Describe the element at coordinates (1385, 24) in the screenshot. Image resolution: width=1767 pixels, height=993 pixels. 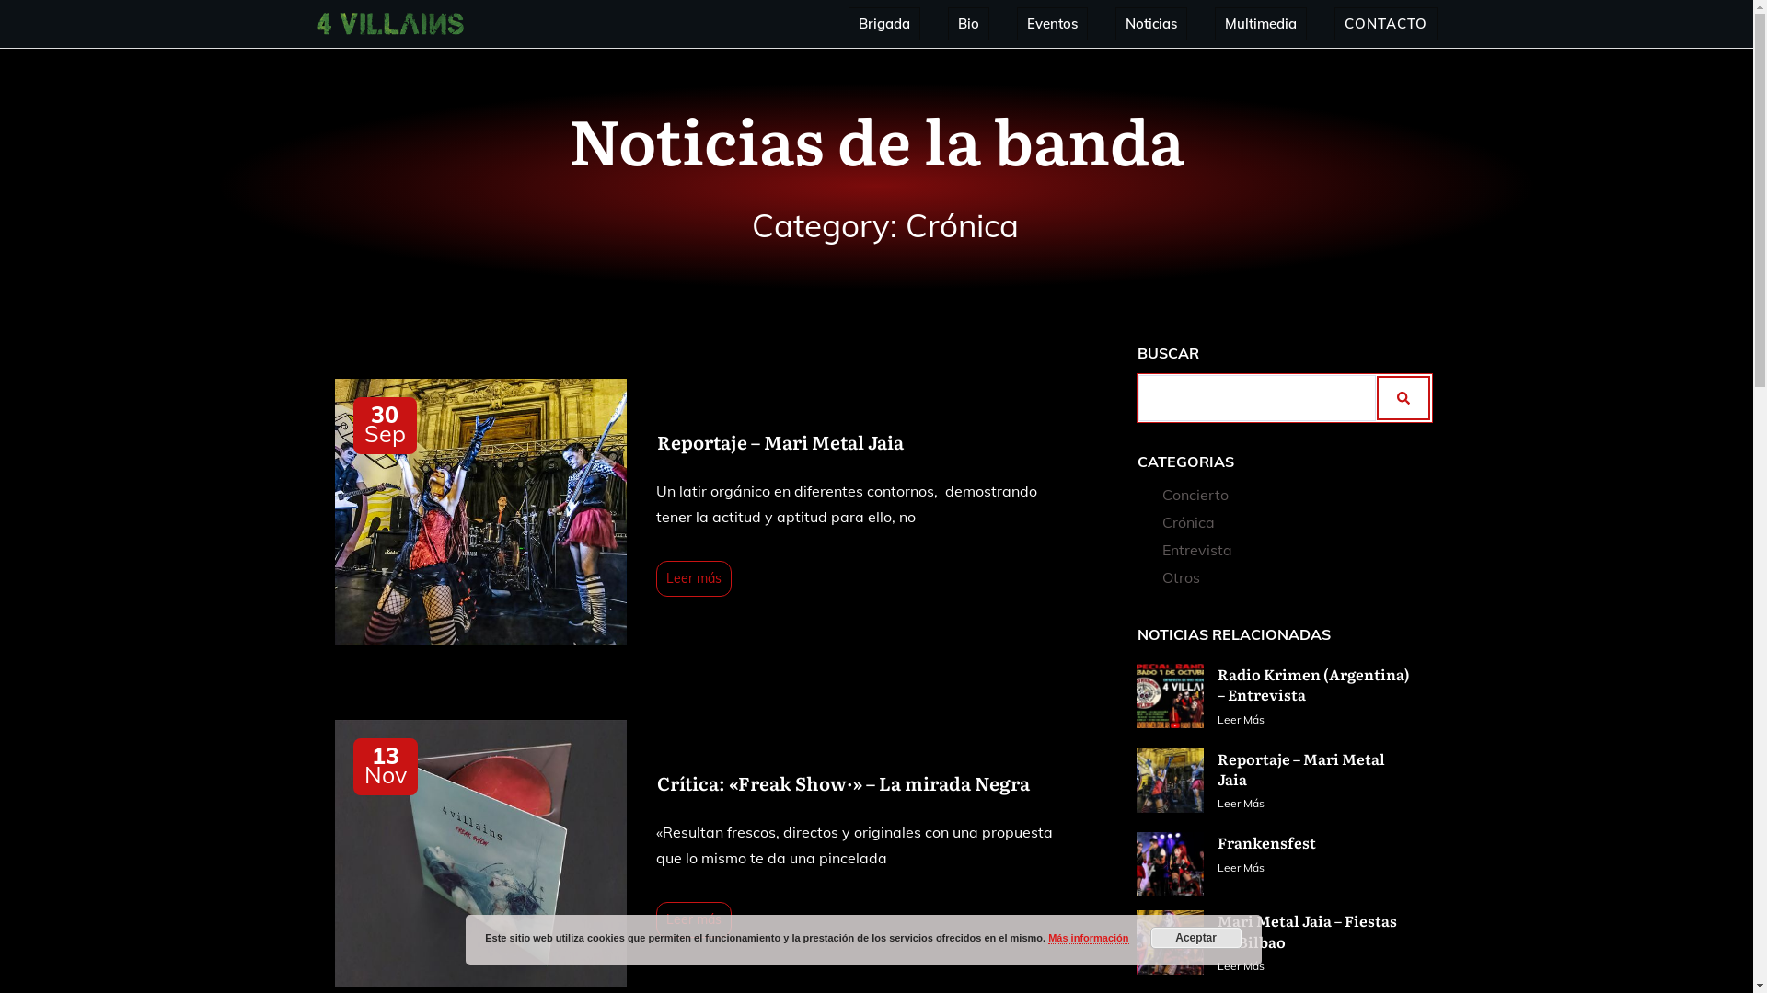
I see `'CONTACTO'` at that location.